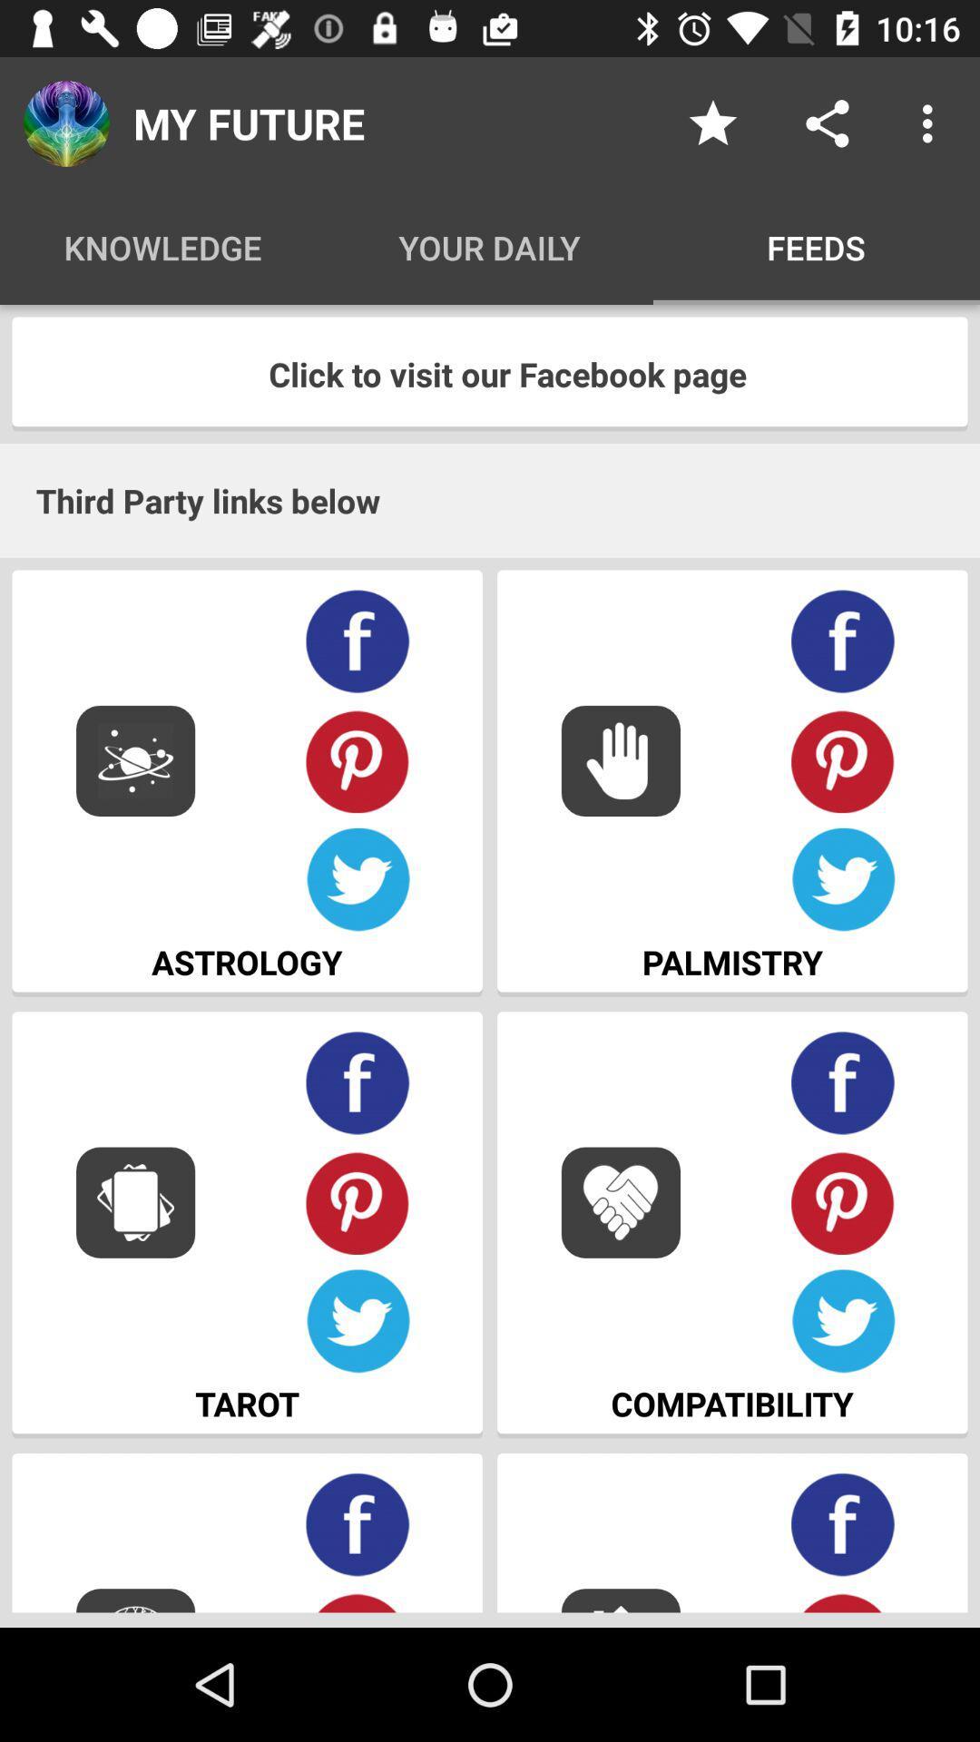 The width and height of the screenshot is (980, 1742). Describe the element at coordinates (358, 1202) in the screenshot. I see `post to pinterest` at that location.